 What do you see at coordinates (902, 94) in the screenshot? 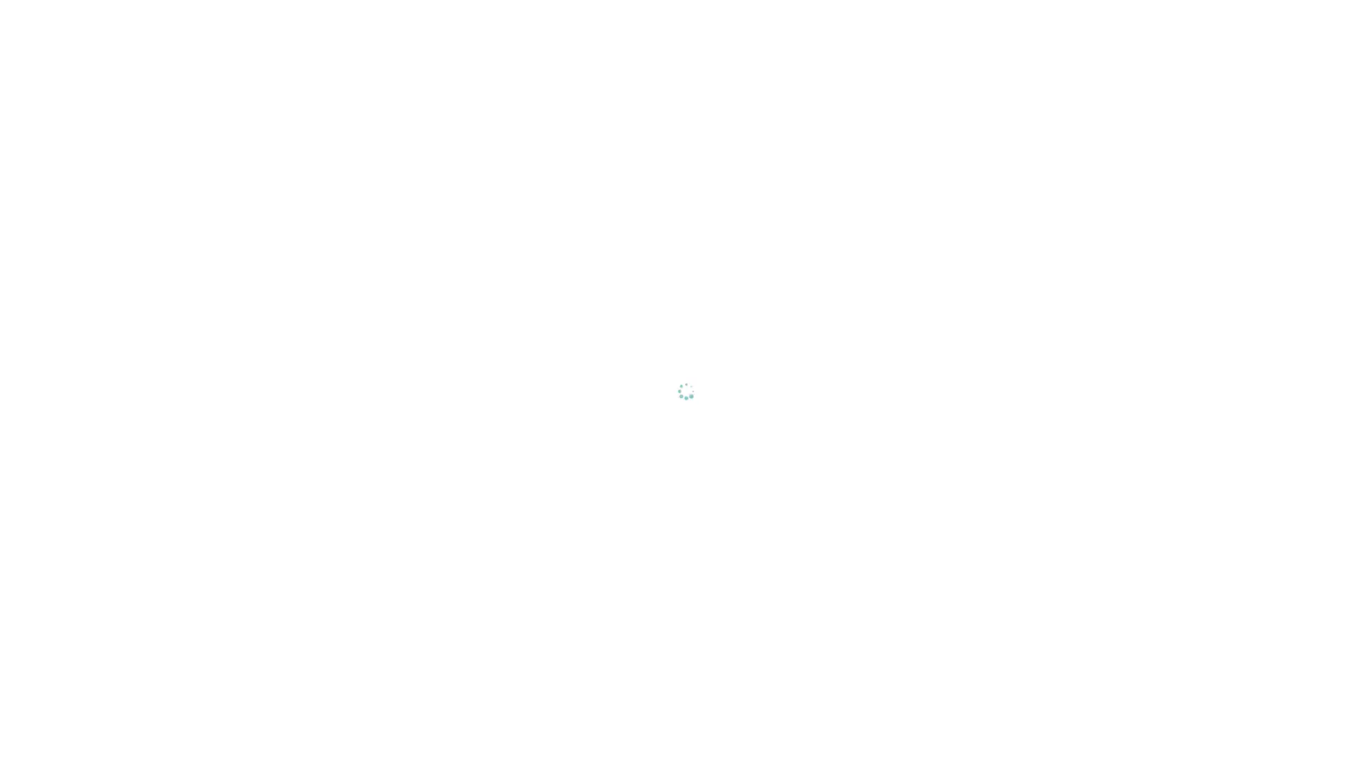
I see `Close` at bounding box center [902, 94].